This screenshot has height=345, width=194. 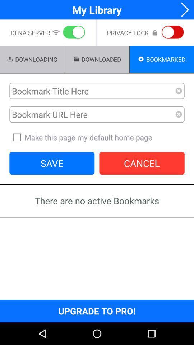 I want to click on privacy button keep privacy option always on, so click(x=171, y=33).